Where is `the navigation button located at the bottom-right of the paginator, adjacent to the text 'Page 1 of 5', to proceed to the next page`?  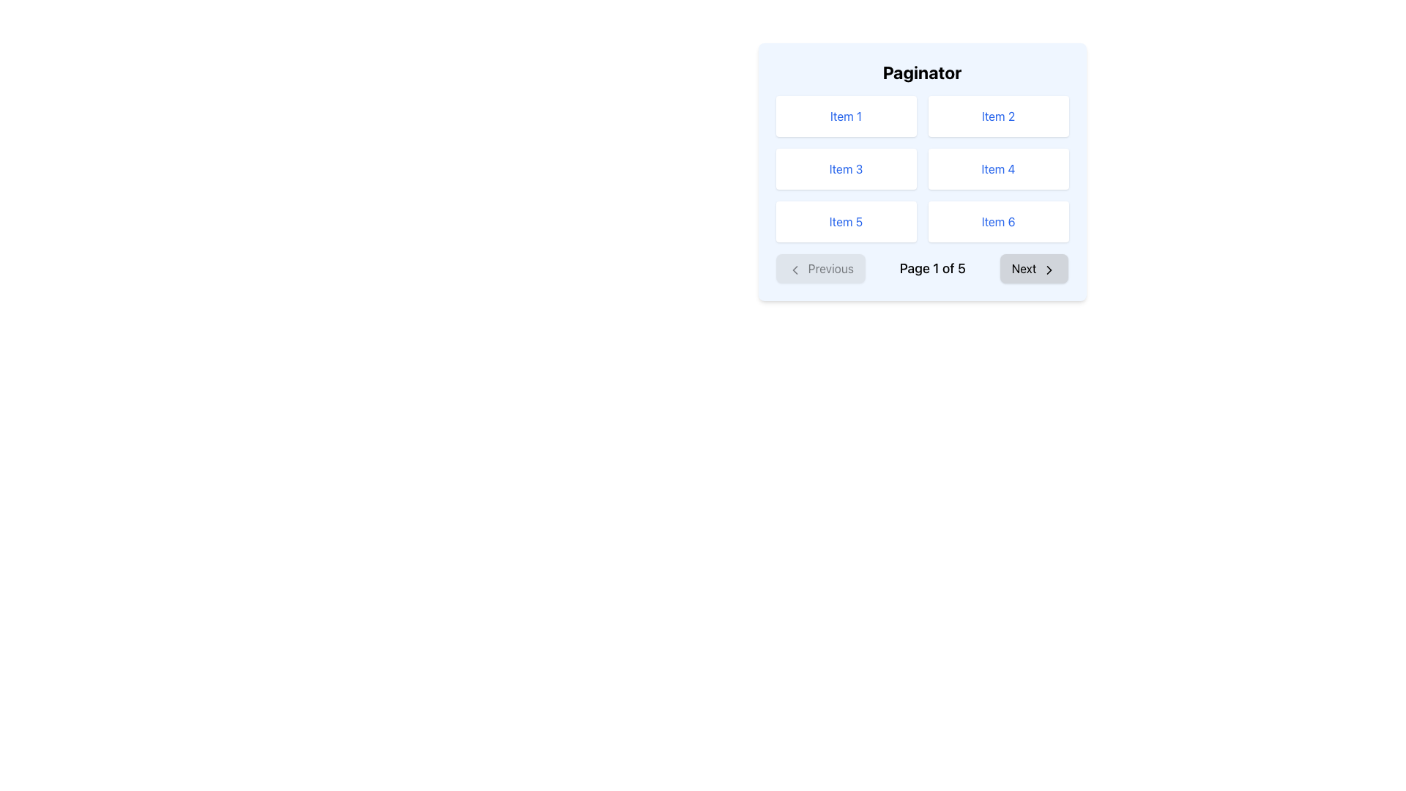
the navigation button located at the bottom-right of the paginator, adjacent to the text 'Page 1 of 5', to proceed to the next page is located at coordinates (1033, 268).